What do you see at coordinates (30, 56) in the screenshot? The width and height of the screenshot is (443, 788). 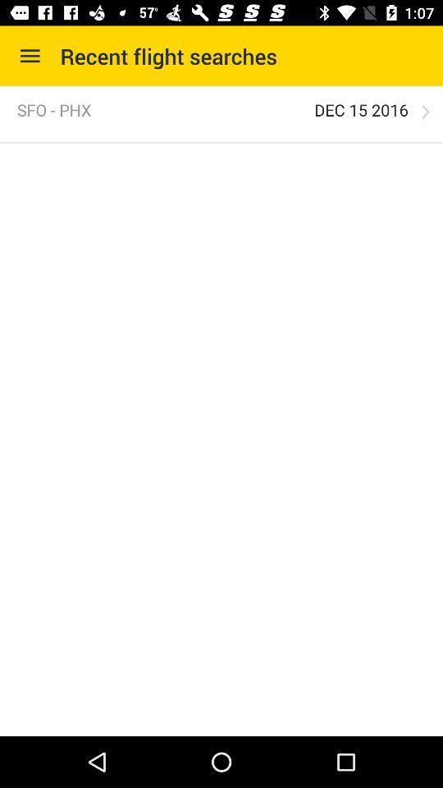 I see `the item next to the recent flight searches icon` at bounding box center [30, 56].